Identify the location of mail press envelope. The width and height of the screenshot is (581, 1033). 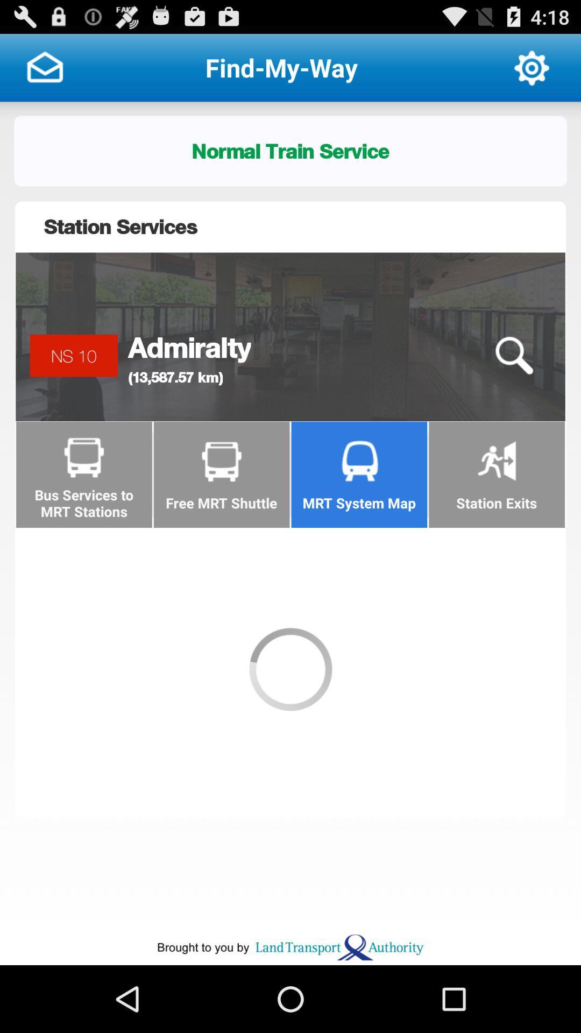
(44, 67).